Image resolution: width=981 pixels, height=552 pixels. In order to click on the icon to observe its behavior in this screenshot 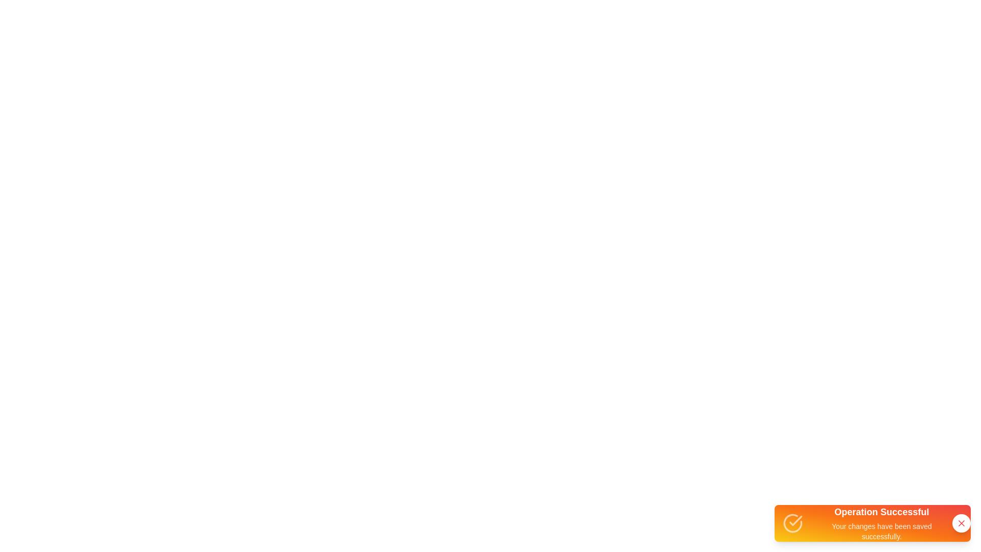, I will do `click(792, 523)`.